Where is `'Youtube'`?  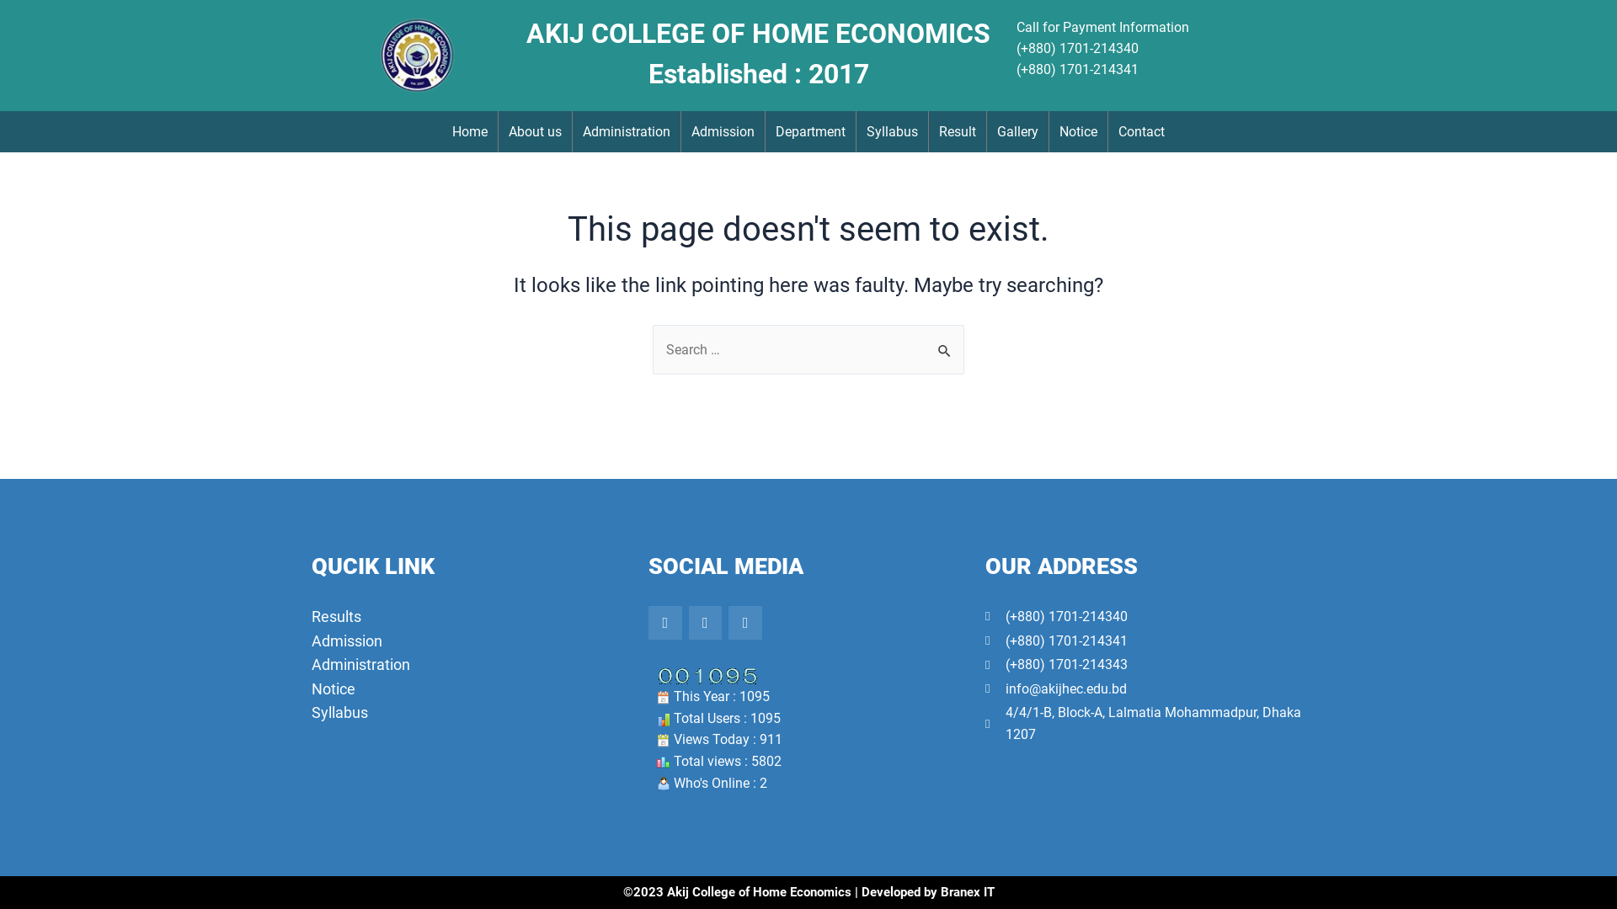 'Youtube' is located at coordinates (744, 623).